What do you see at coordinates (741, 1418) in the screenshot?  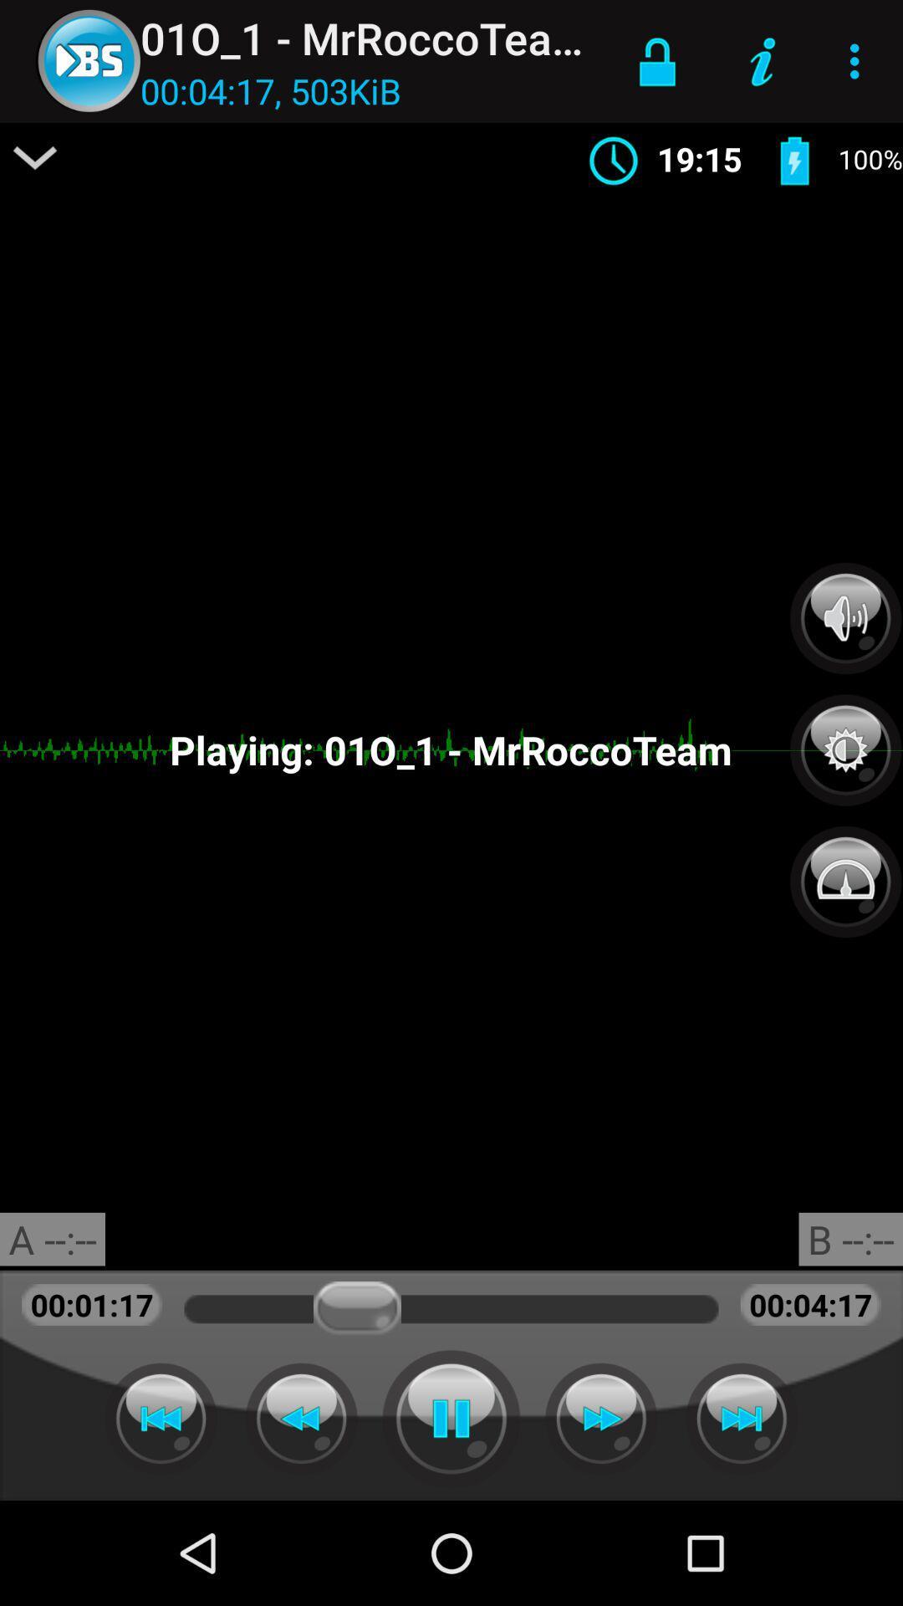 I see `forward` at bounding box center [741, 1418].